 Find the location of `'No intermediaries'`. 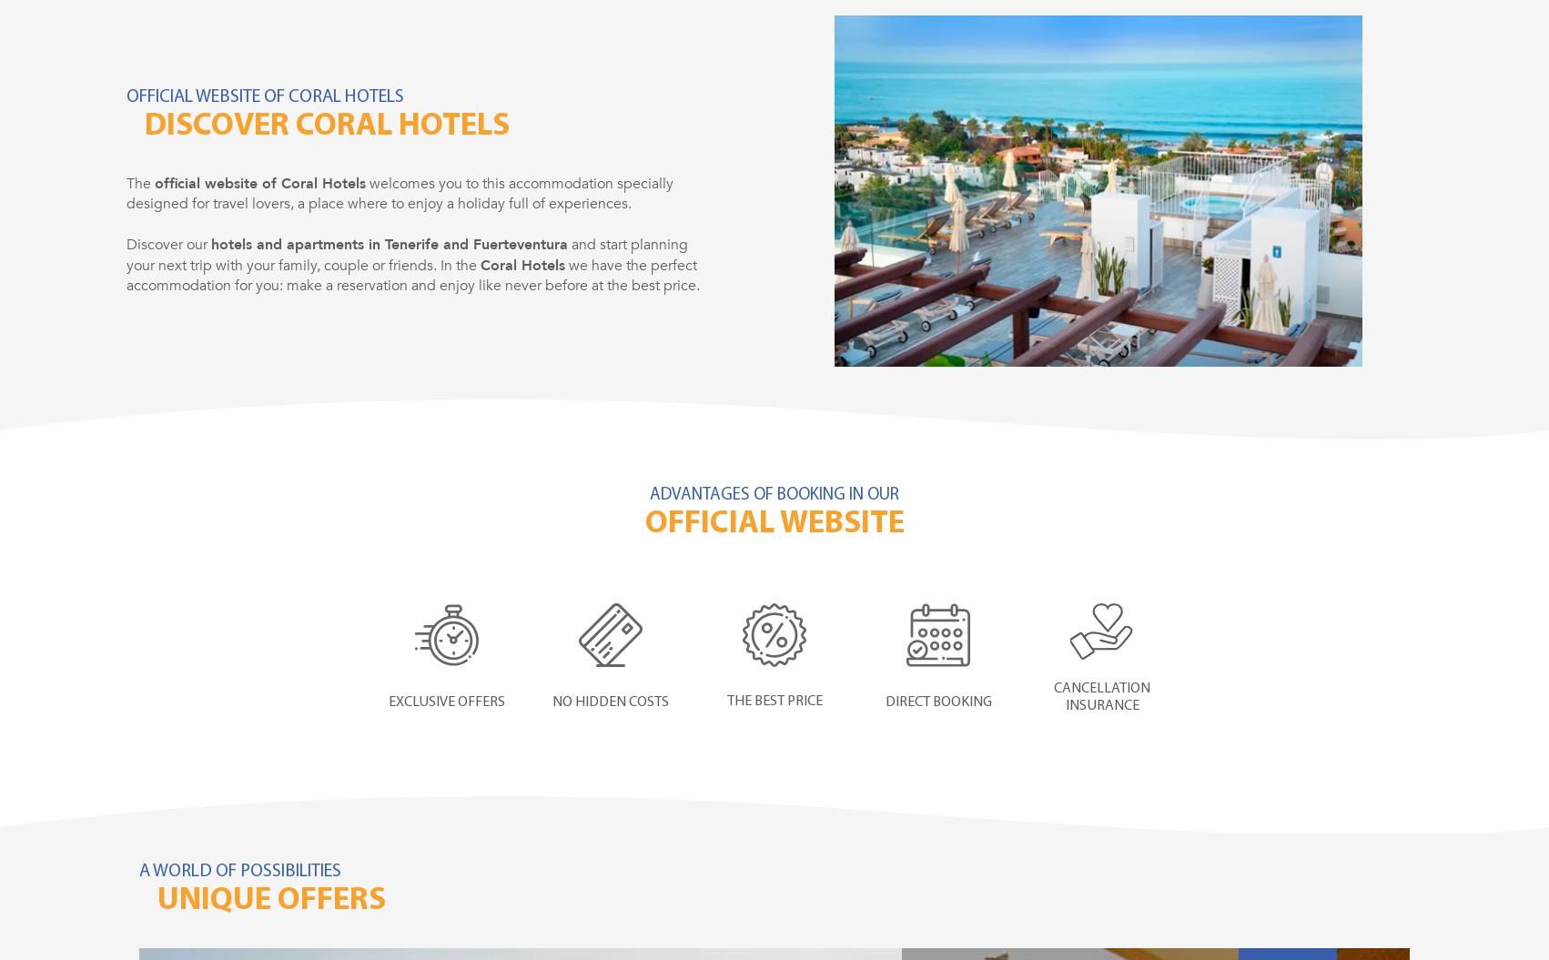

'No intermediaries' is located at coordinates (937, 581).